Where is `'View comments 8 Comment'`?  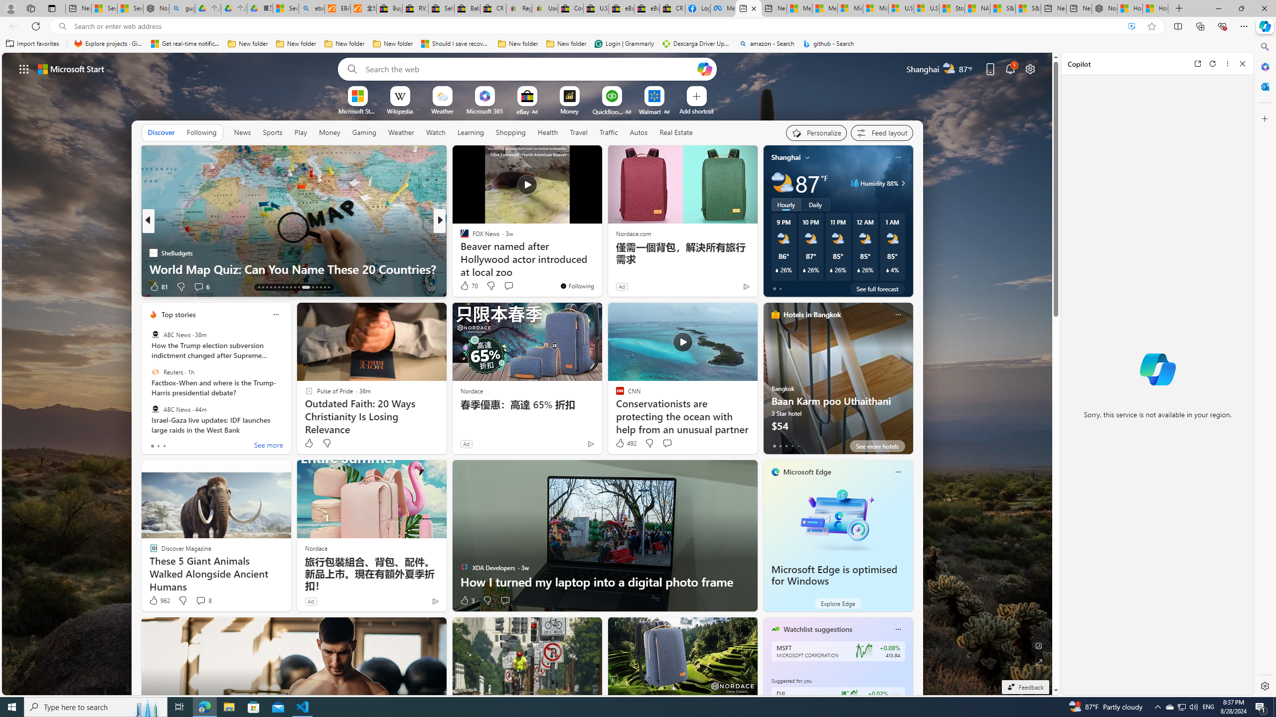
'View comments 8 Comment' is located at coordinates (199, 600).